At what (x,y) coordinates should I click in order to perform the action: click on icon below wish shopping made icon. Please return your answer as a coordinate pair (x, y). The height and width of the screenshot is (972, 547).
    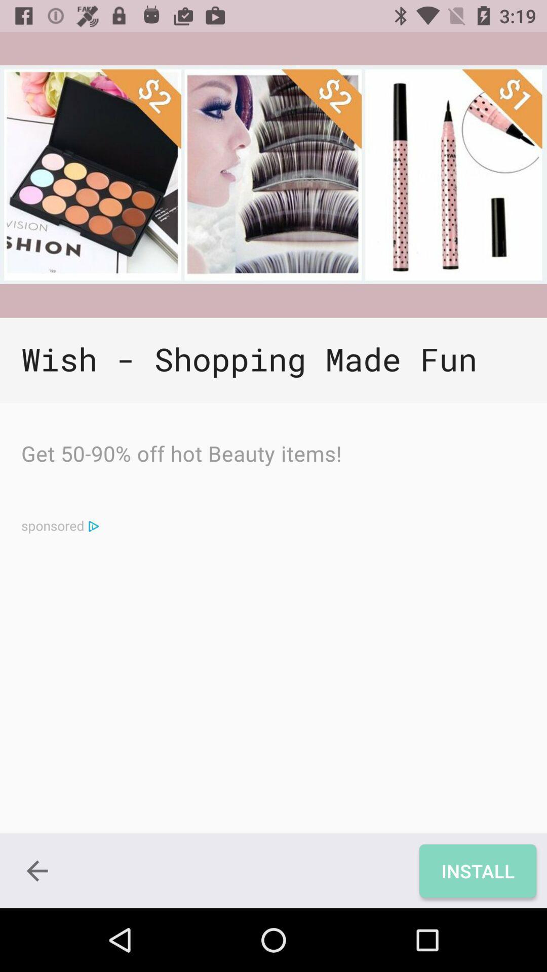
    Looking at the image, I should click on (181, 456).